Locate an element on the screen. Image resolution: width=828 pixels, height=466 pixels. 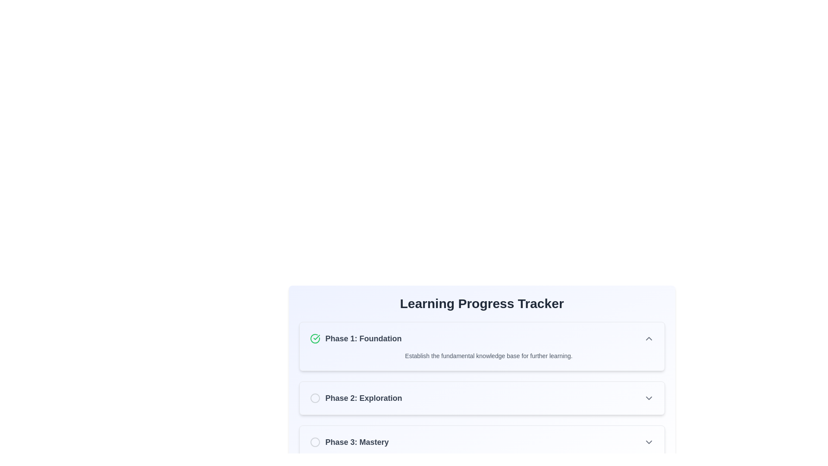
the text 'Phase 2: Exploration', which is the second item in a vertical list of phases, positioned below 'Phase 1: Foundation' and above 'Phase 3: Mastery' is located at coordinates (356, 398).